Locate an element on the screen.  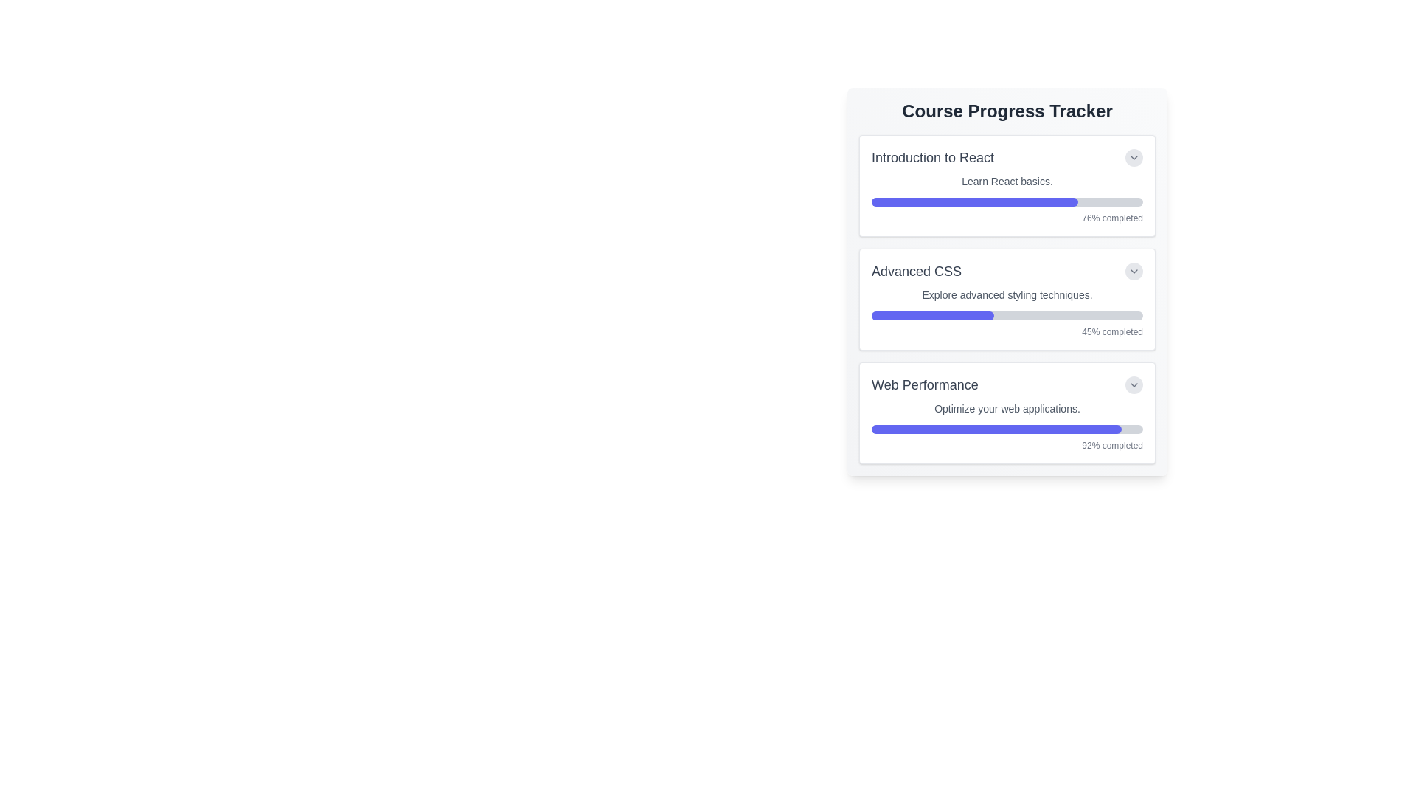
the dropdown button located to the far right of the 'Web Performance' section to change its appearance is located at coordinates (1133, 384).